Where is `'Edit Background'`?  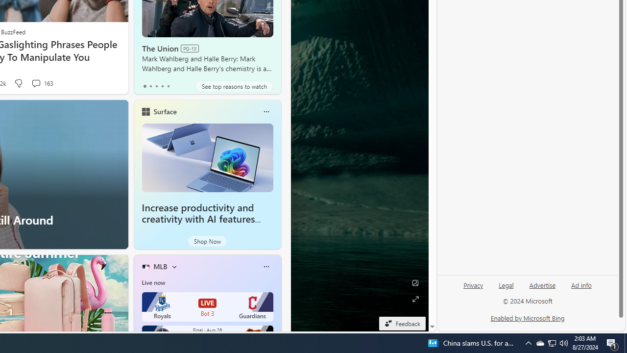
'Edit Background' is located at coordinates (415, 283).